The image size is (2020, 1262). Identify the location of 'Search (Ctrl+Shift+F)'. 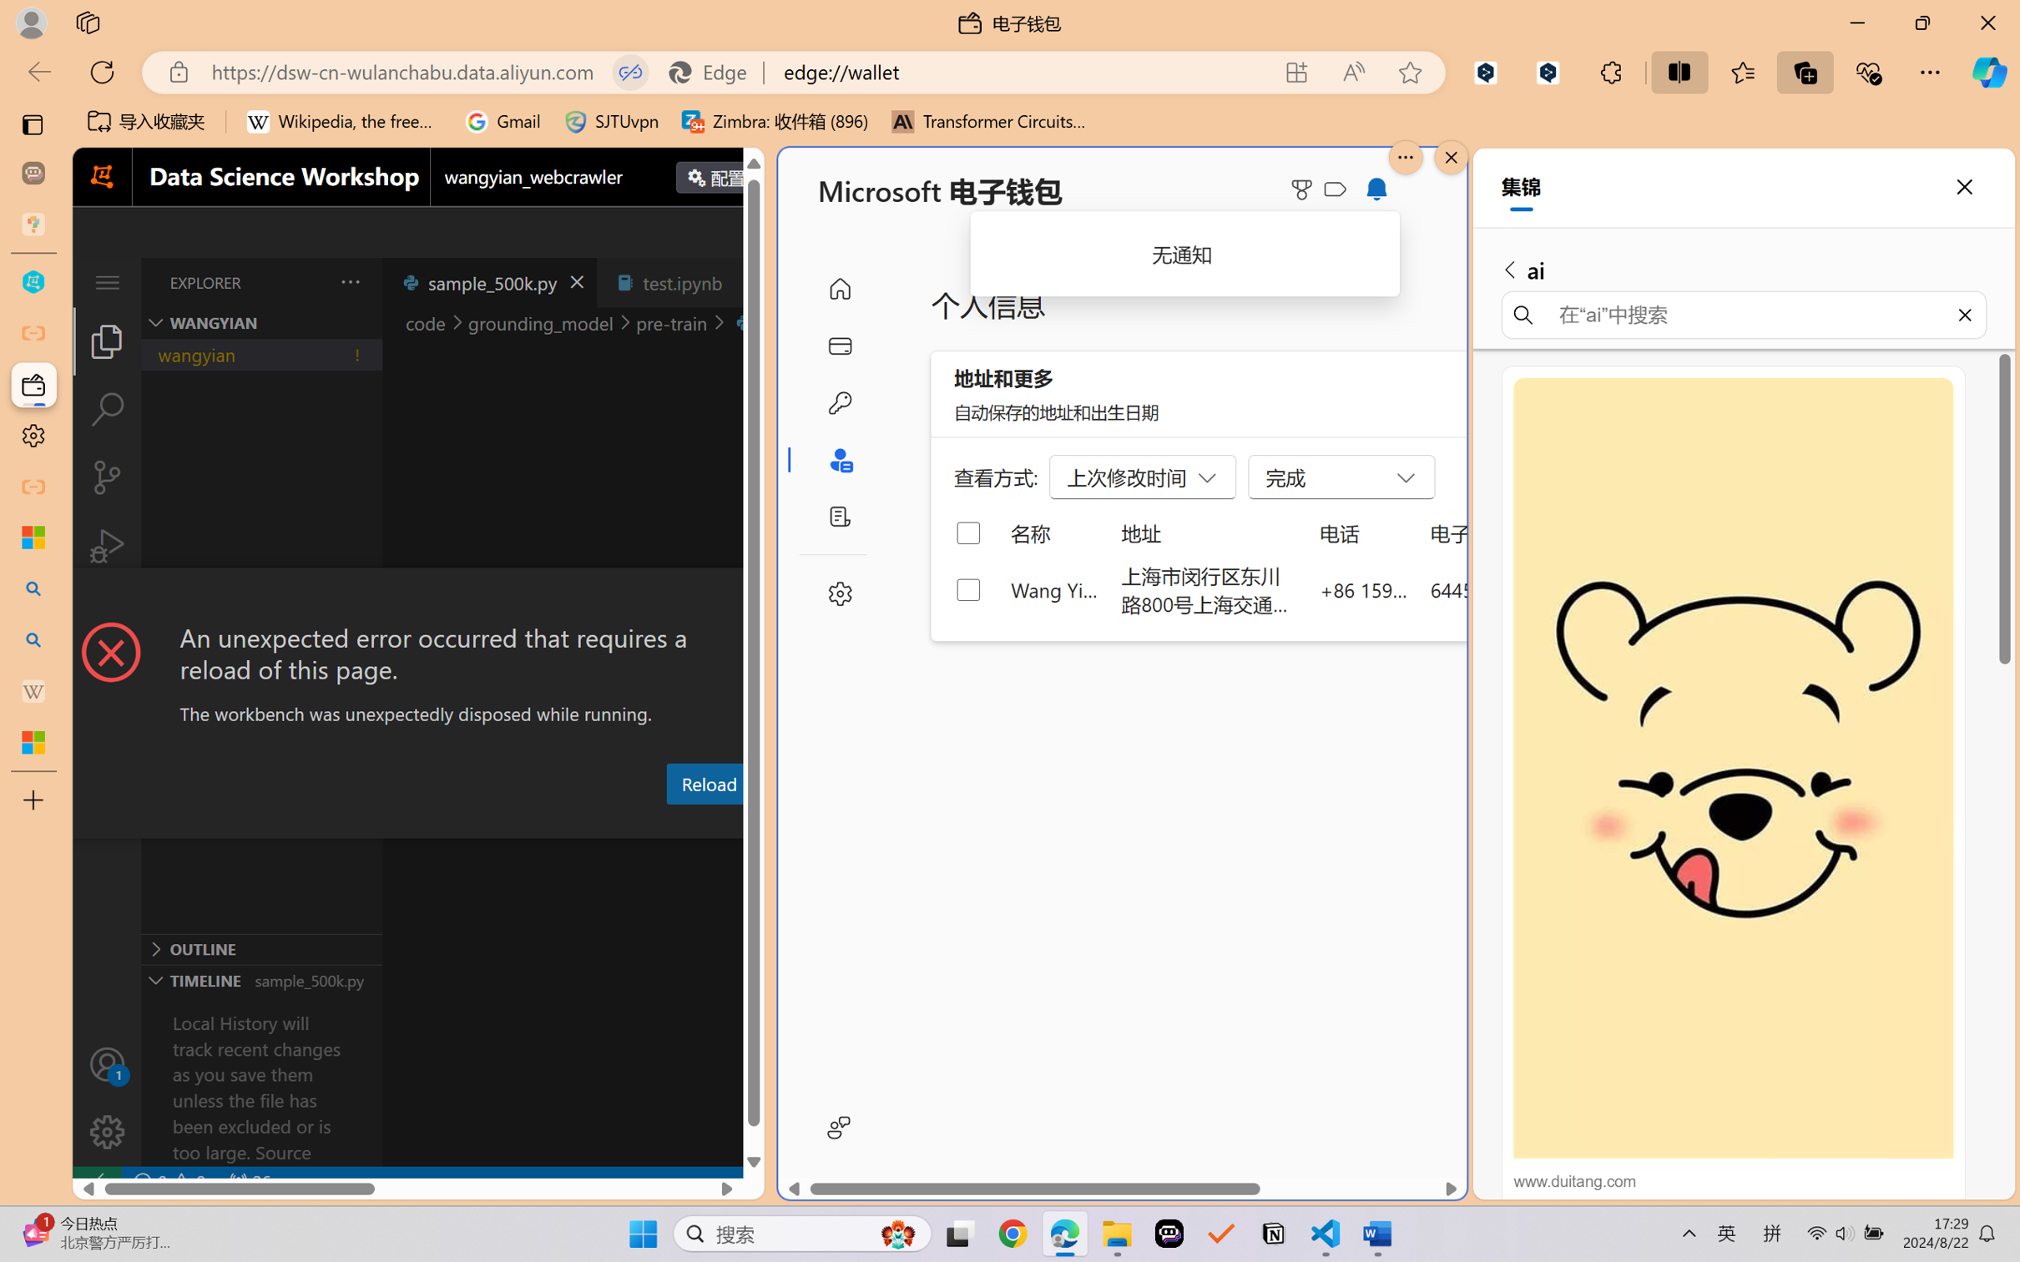
(106, 409).